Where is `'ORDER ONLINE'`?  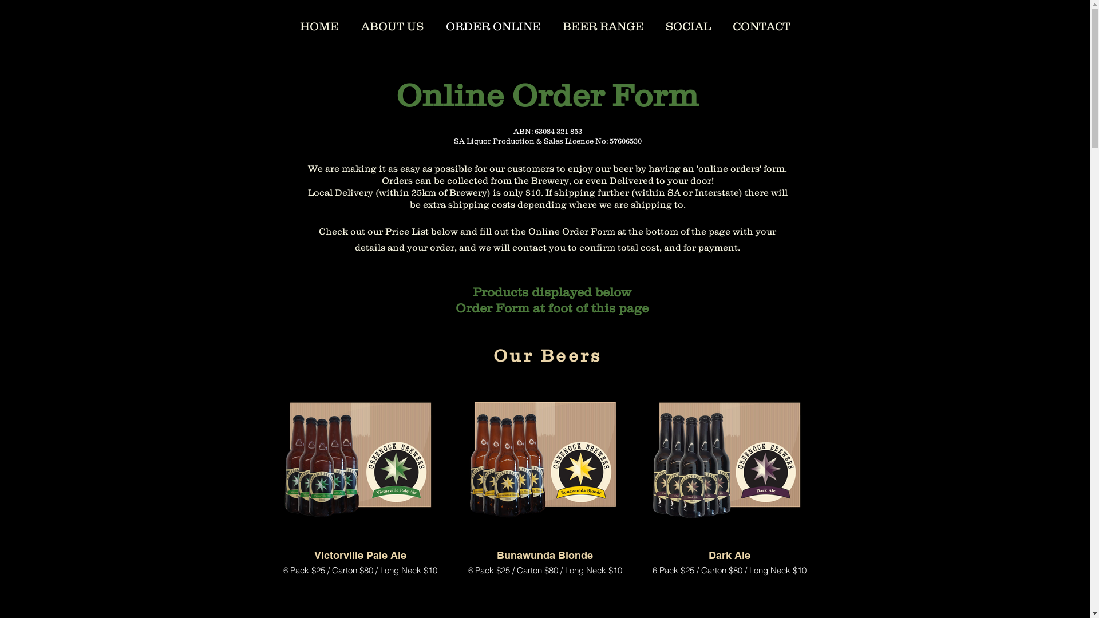 'ORDER ONLINE' is located at coordinates (434, 25).